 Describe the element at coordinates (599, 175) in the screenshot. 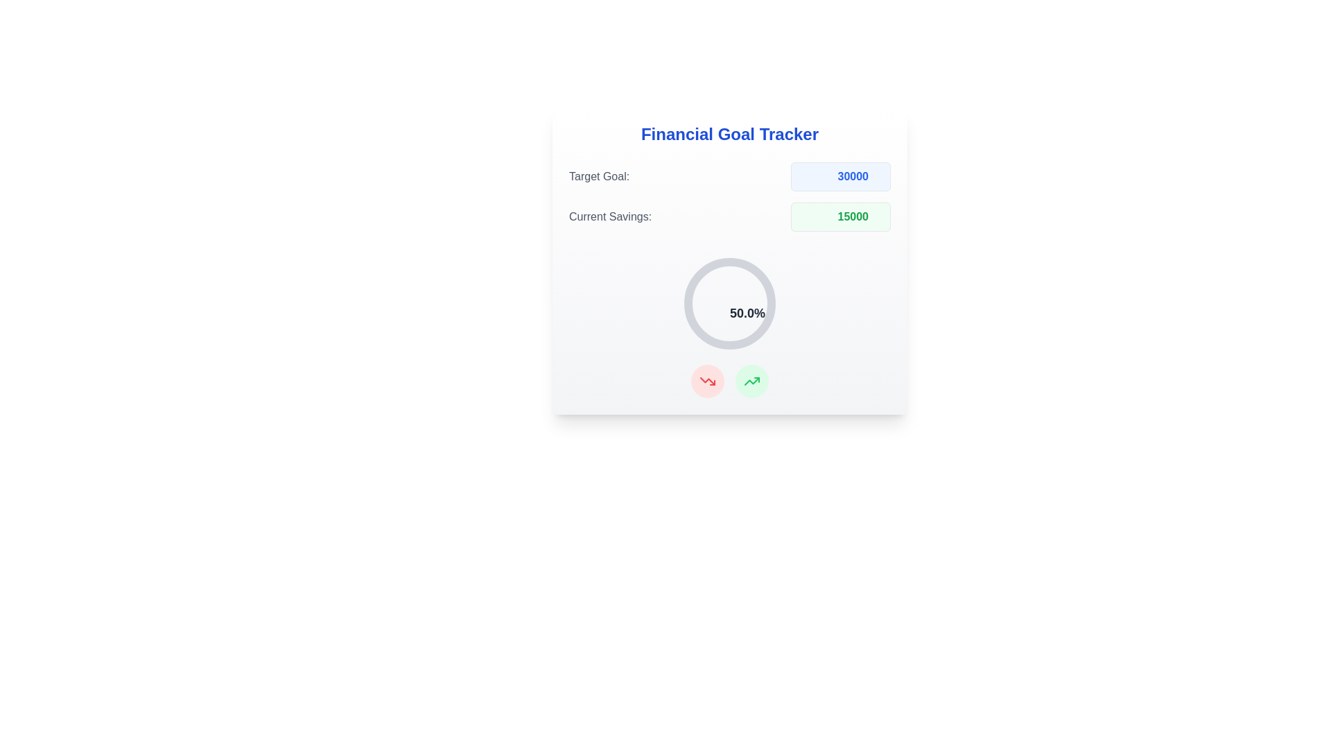

I see `the static text label indicating 'Target Goal', which is positioned to the left of the numerical input box` at that location.